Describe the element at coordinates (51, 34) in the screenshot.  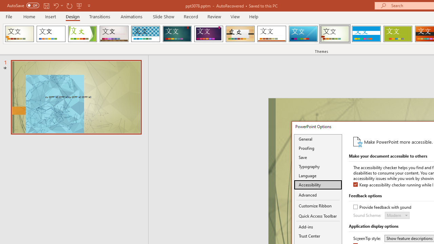
I see `'Office Theme'` at that location.